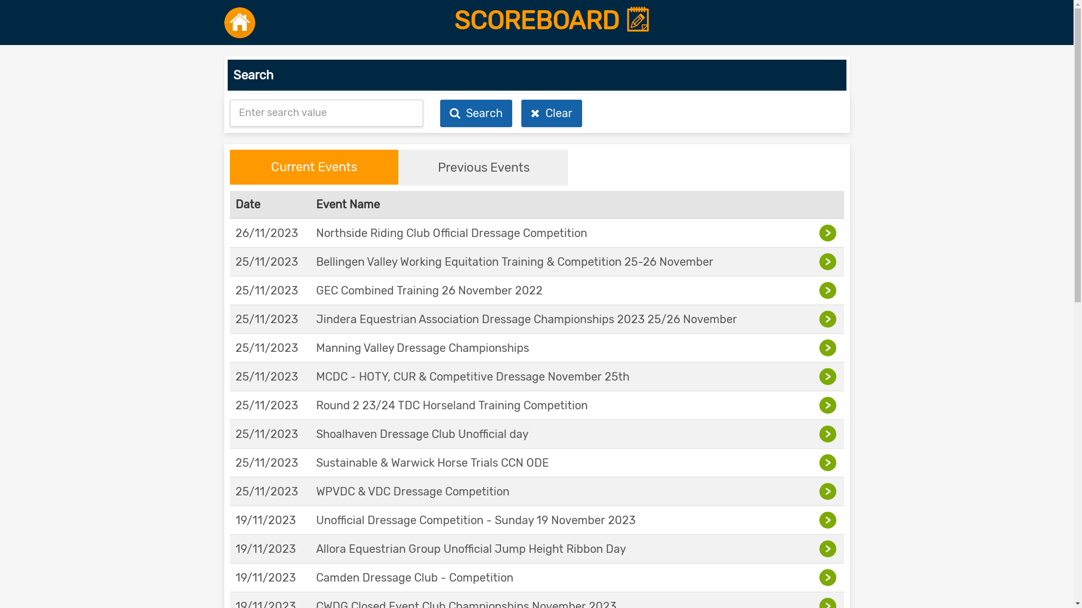  I want to click on 'Current Events', so click(314, 167).